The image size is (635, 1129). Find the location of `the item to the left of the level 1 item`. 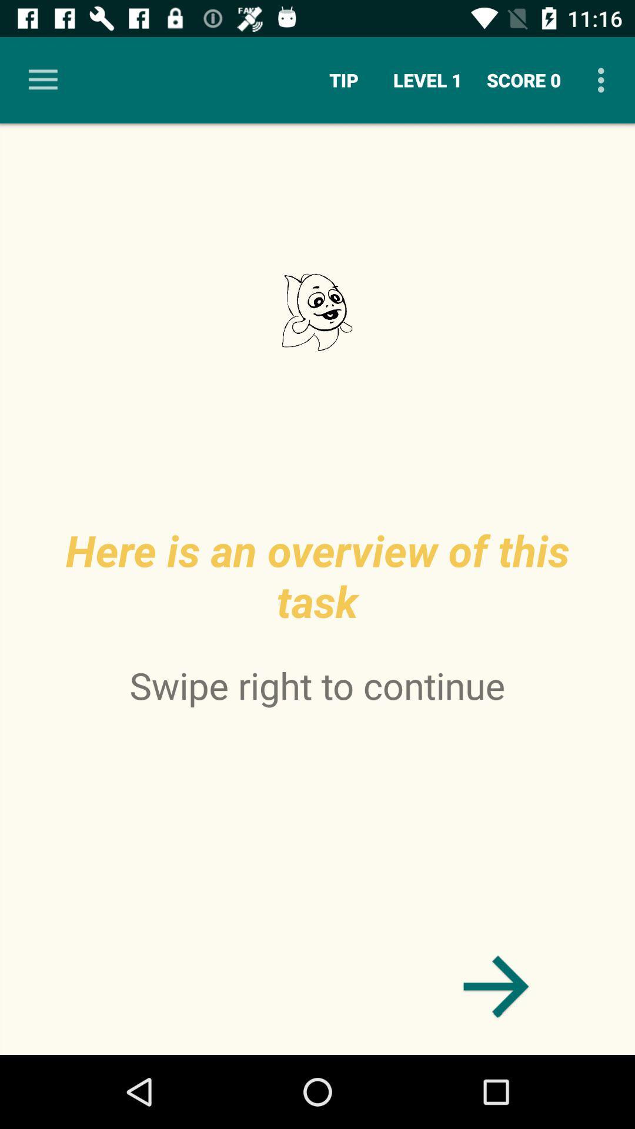

the item to the left of the level 1 item is located at coordinates (344, 79).